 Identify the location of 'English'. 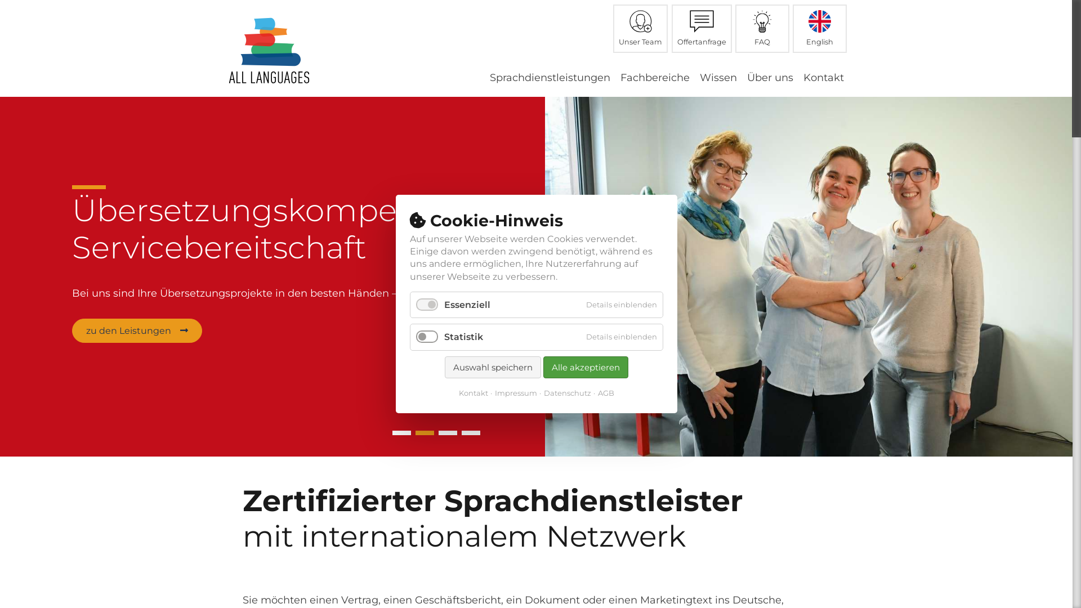
(819, 28).